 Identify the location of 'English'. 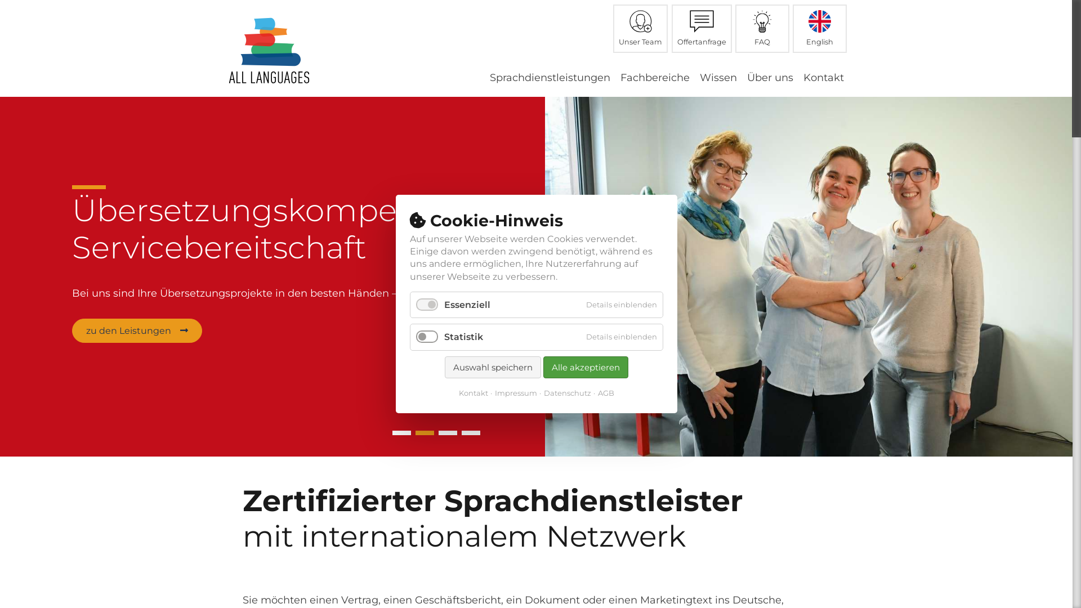
(819, 28).